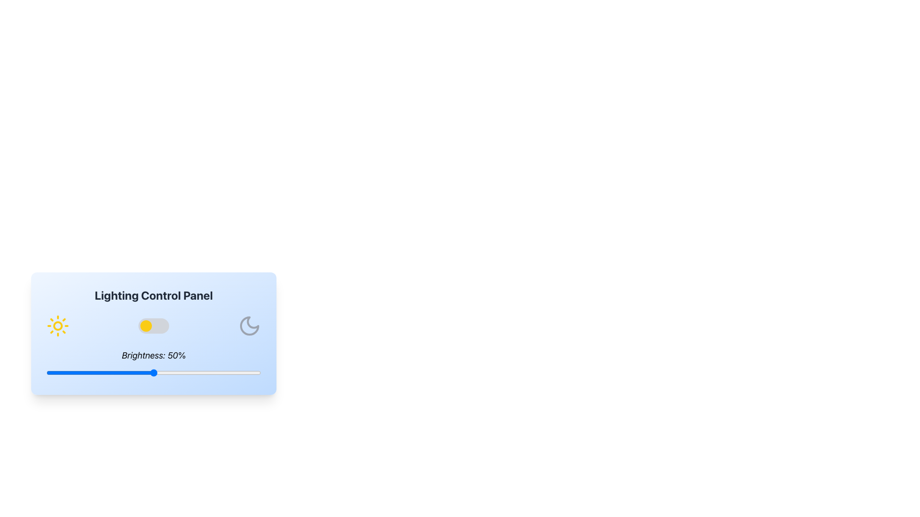 This screenshot has width=920, height=517. Describe the element at coordinates (250, 326) in the screenshot. I see `the nighttime icon` at that location.